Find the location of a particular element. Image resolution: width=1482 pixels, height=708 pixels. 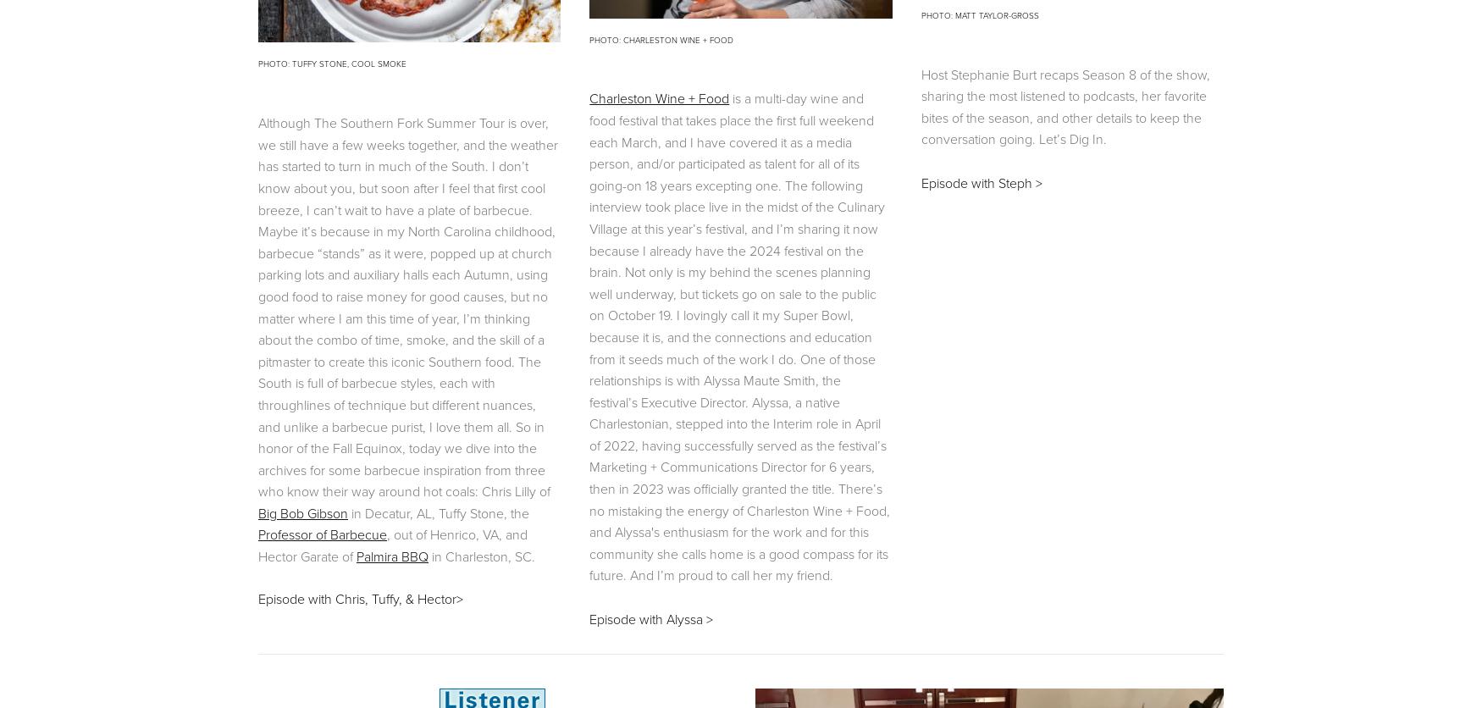

'Episode with Alyssa >' is located at coordinates (650, 618).